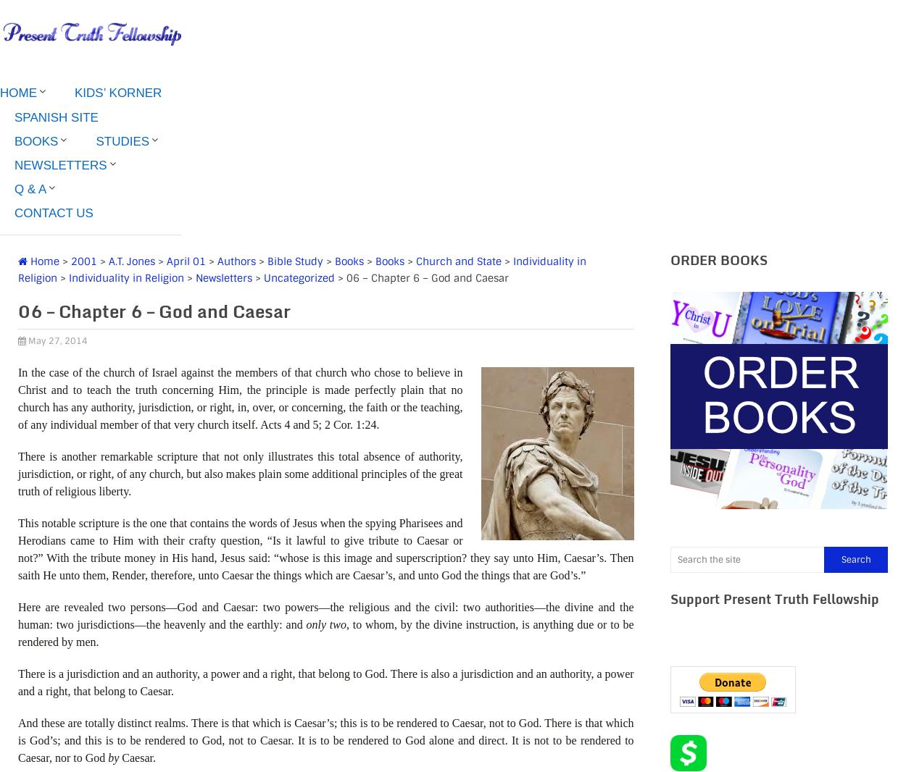 The width and height of the screenshot is (906, 772). I want to click on 'only two', so click(325, 624).